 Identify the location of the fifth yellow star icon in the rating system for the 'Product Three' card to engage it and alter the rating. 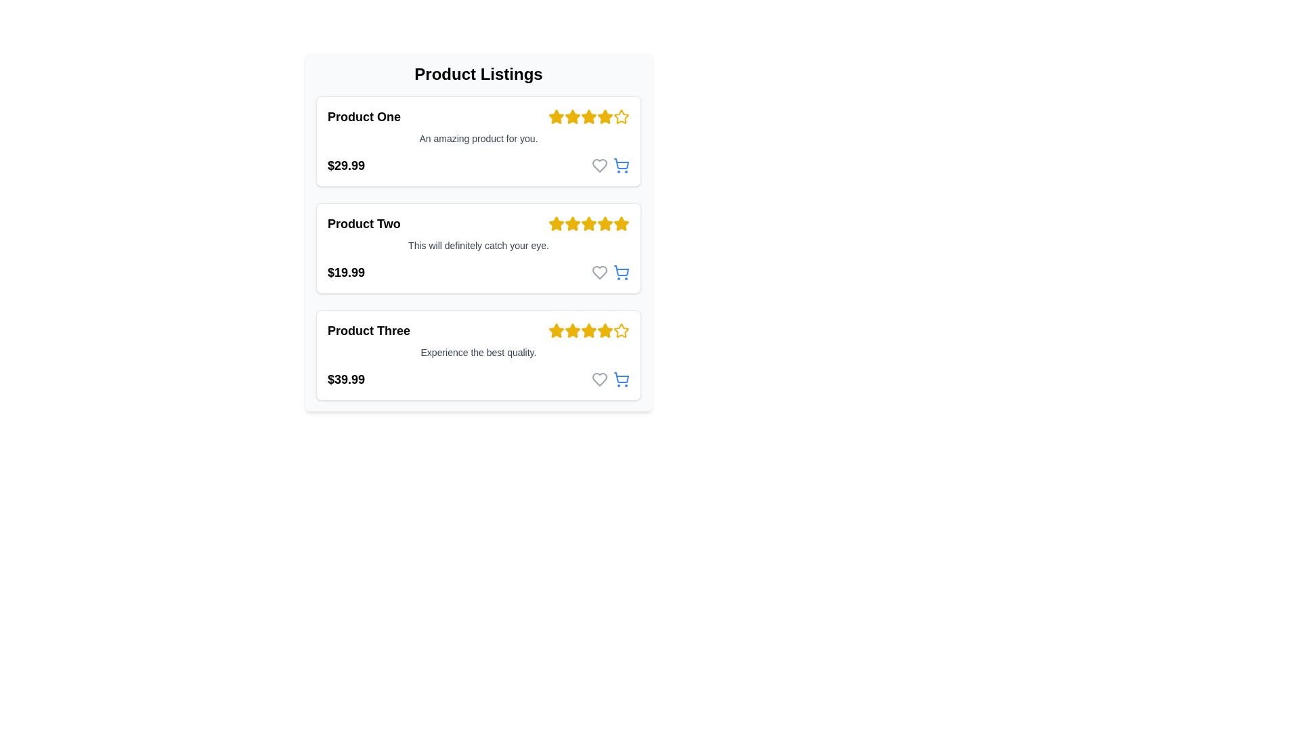
(620, 331).